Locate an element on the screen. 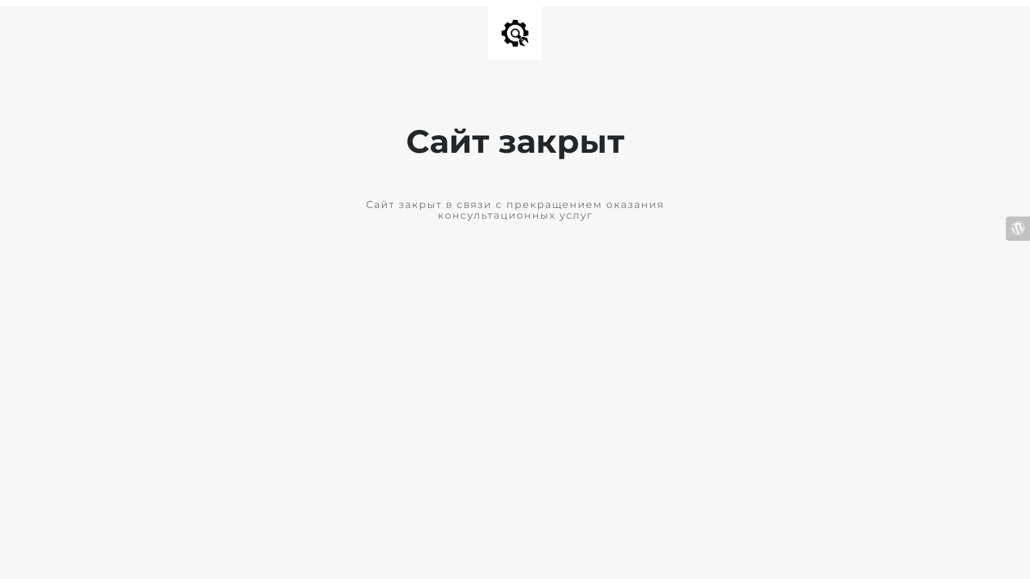 The width and height of the screenshot is (1030, 579). 'Site is Under Construction' is located at coordinates (515, 32).